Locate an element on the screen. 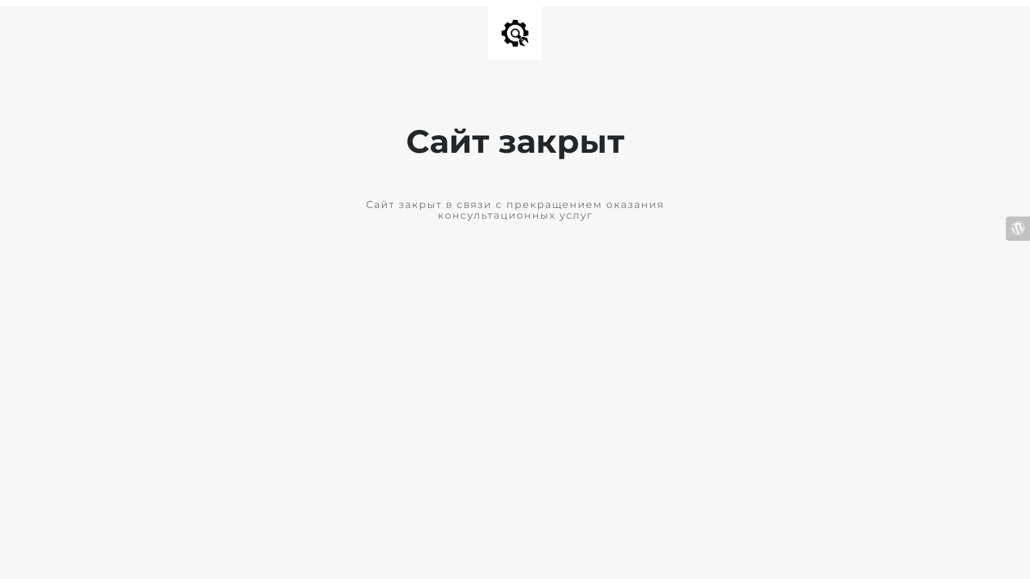 The width and height of the screenshot is (1030, 579). 'Site is Under Construction' is located at coordinates (515, 32).